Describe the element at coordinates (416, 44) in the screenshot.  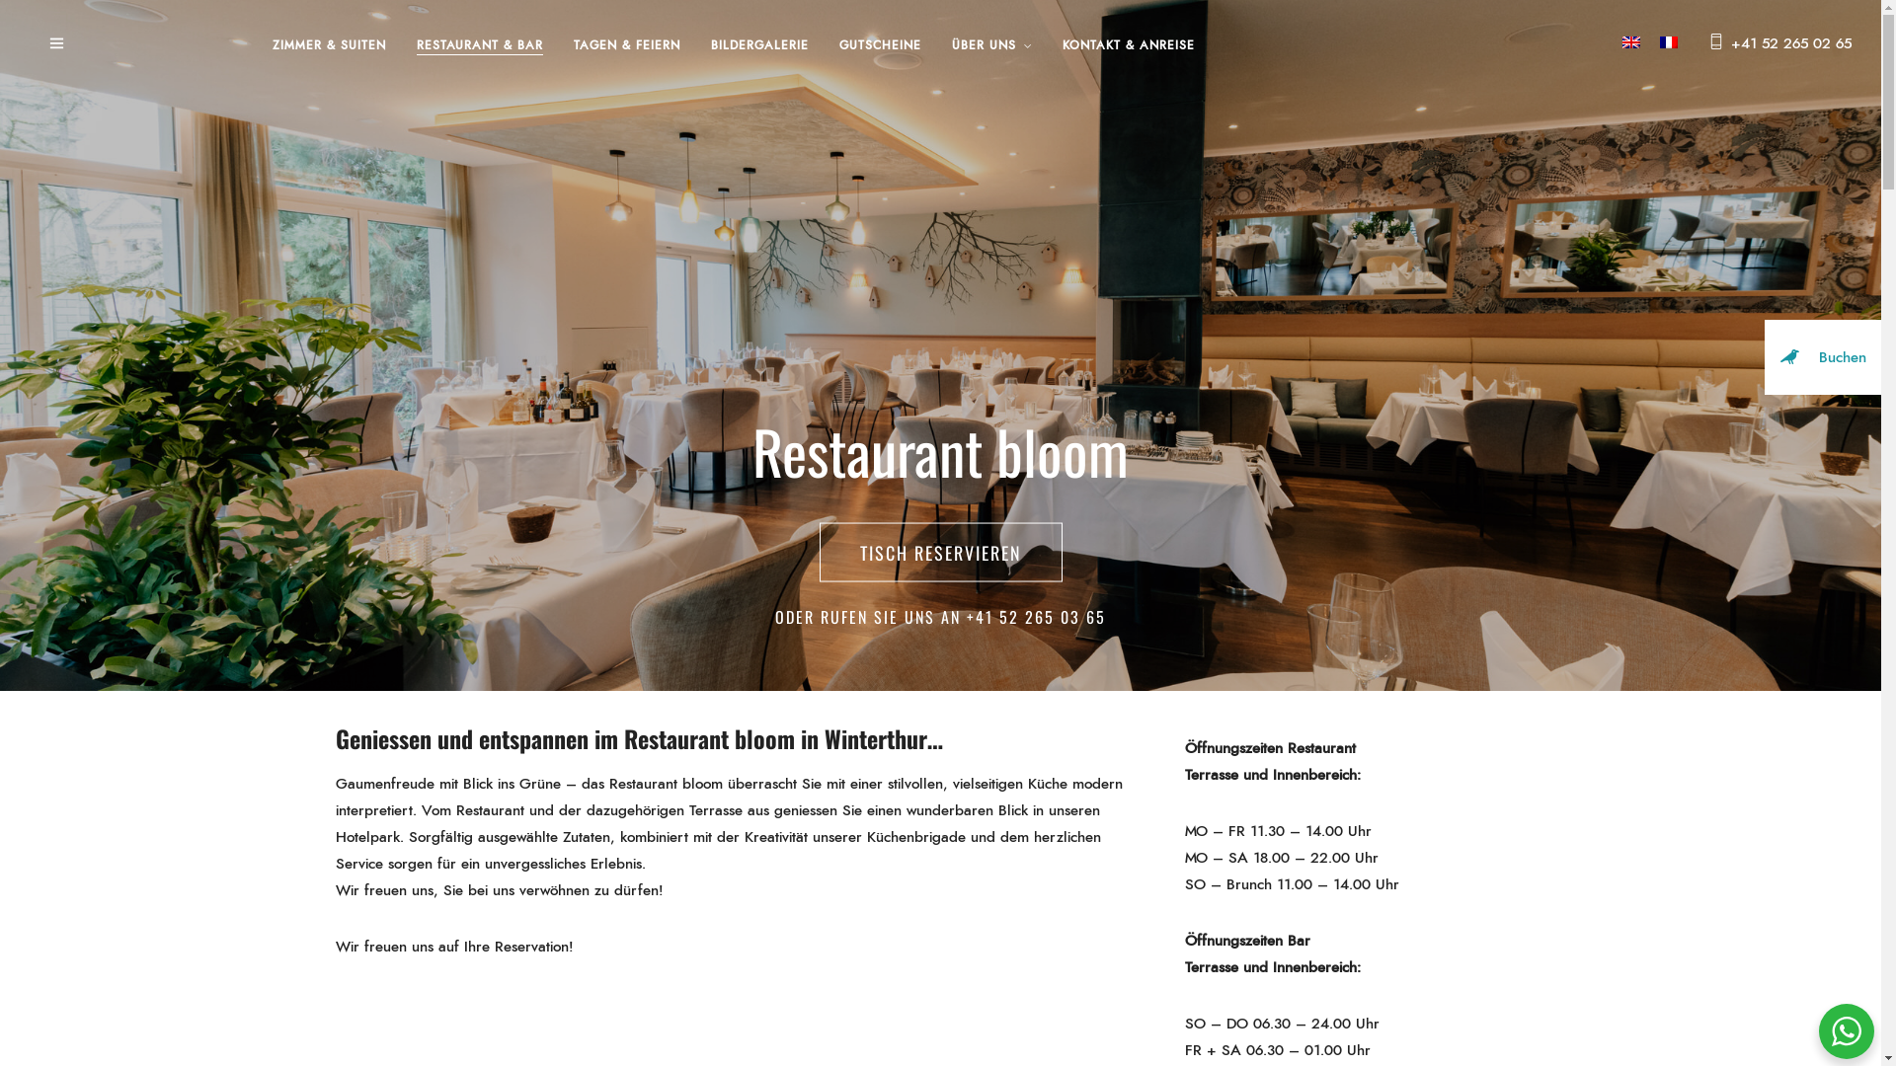
I see `'RESTAURANT & BAR'` at that location.